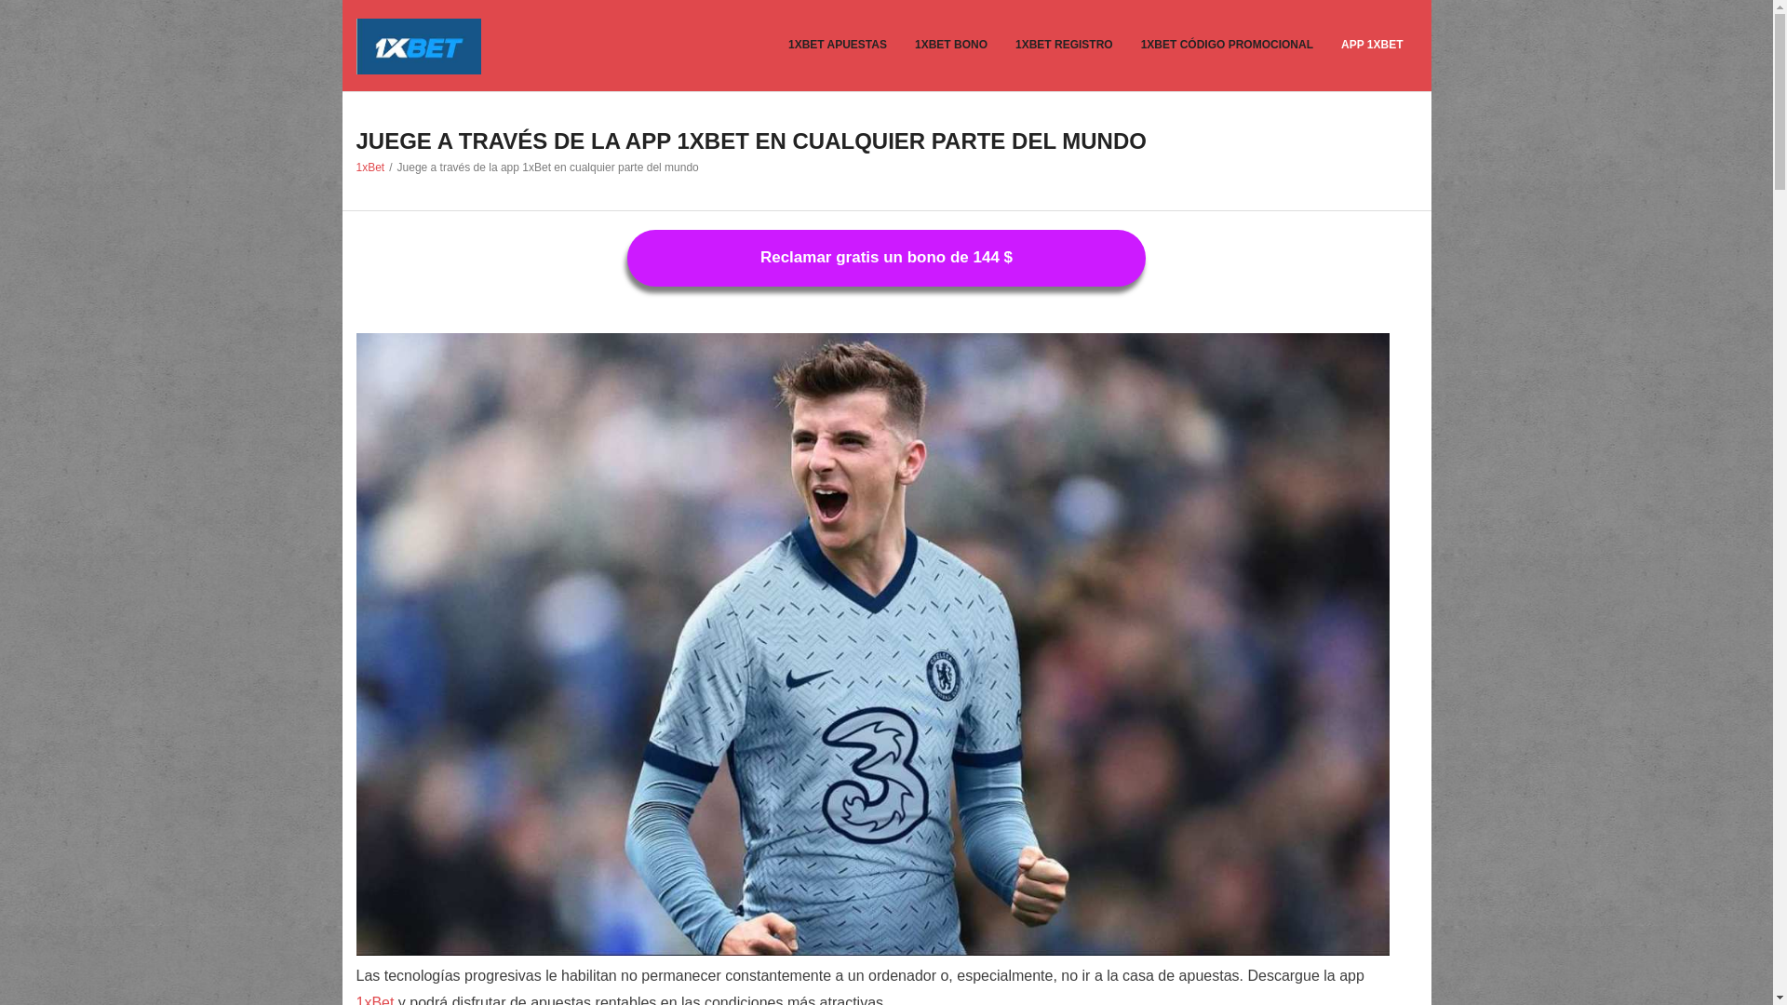 This screenshot has height=1005, width=1787. Describe the element at coordinates (1064, 45) in the screenshot. I see `'1XBET REGISTRO'` at that location.